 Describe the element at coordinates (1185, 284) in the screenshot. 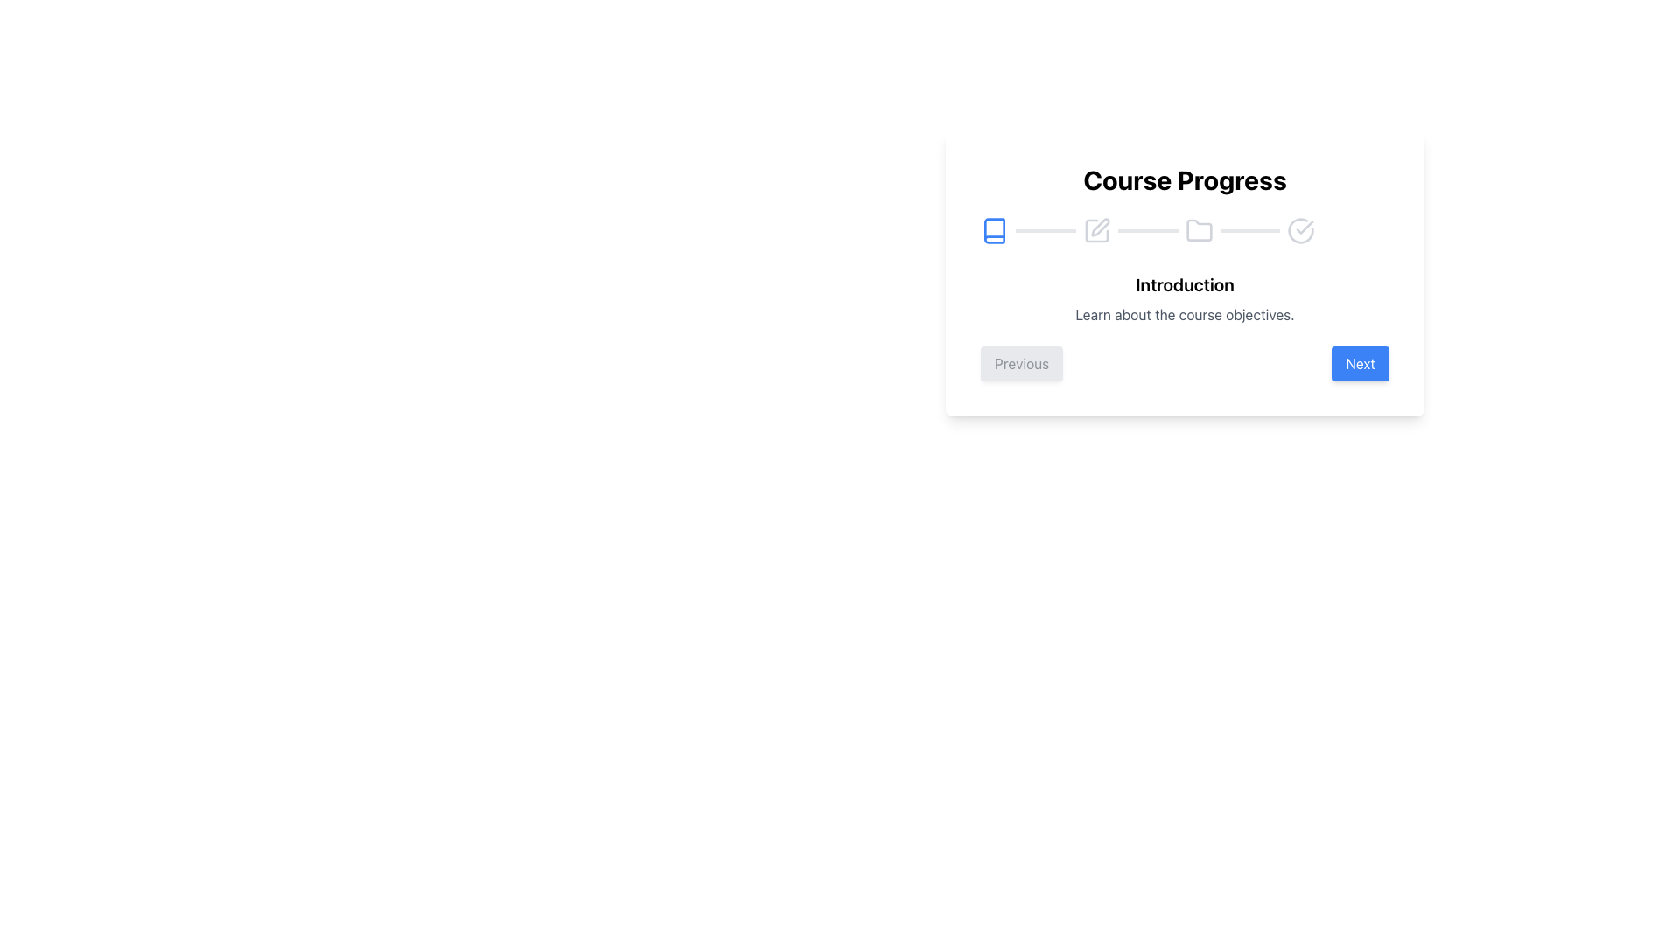

I see `the 'Introduction' text label which is styled with large, bold, dark serif font, located below the 'Course Progress' heading and above the descriptive text` at that location.